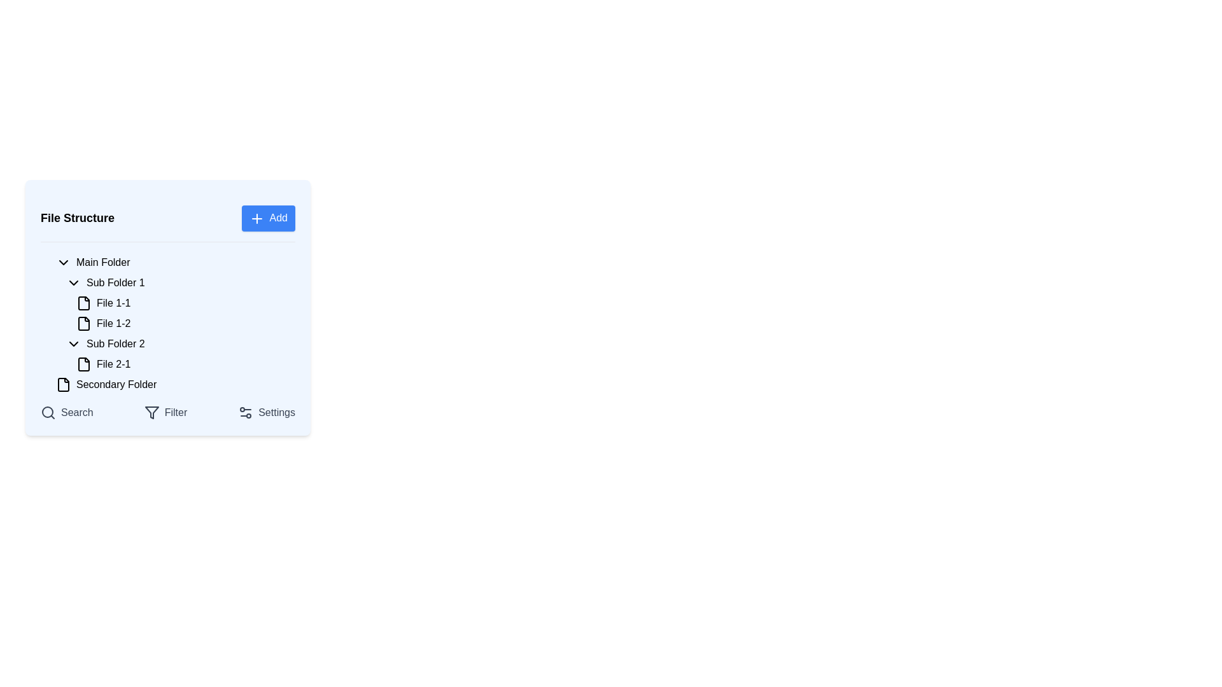 The height and width of the screenshot is (687, 1222). Describe the element at coordinates (167, 323) in the screenshot. I see `the list item labeled 'File 1-2' within the 'Main Folder' section under 'Sub Folder 1'` at that location.